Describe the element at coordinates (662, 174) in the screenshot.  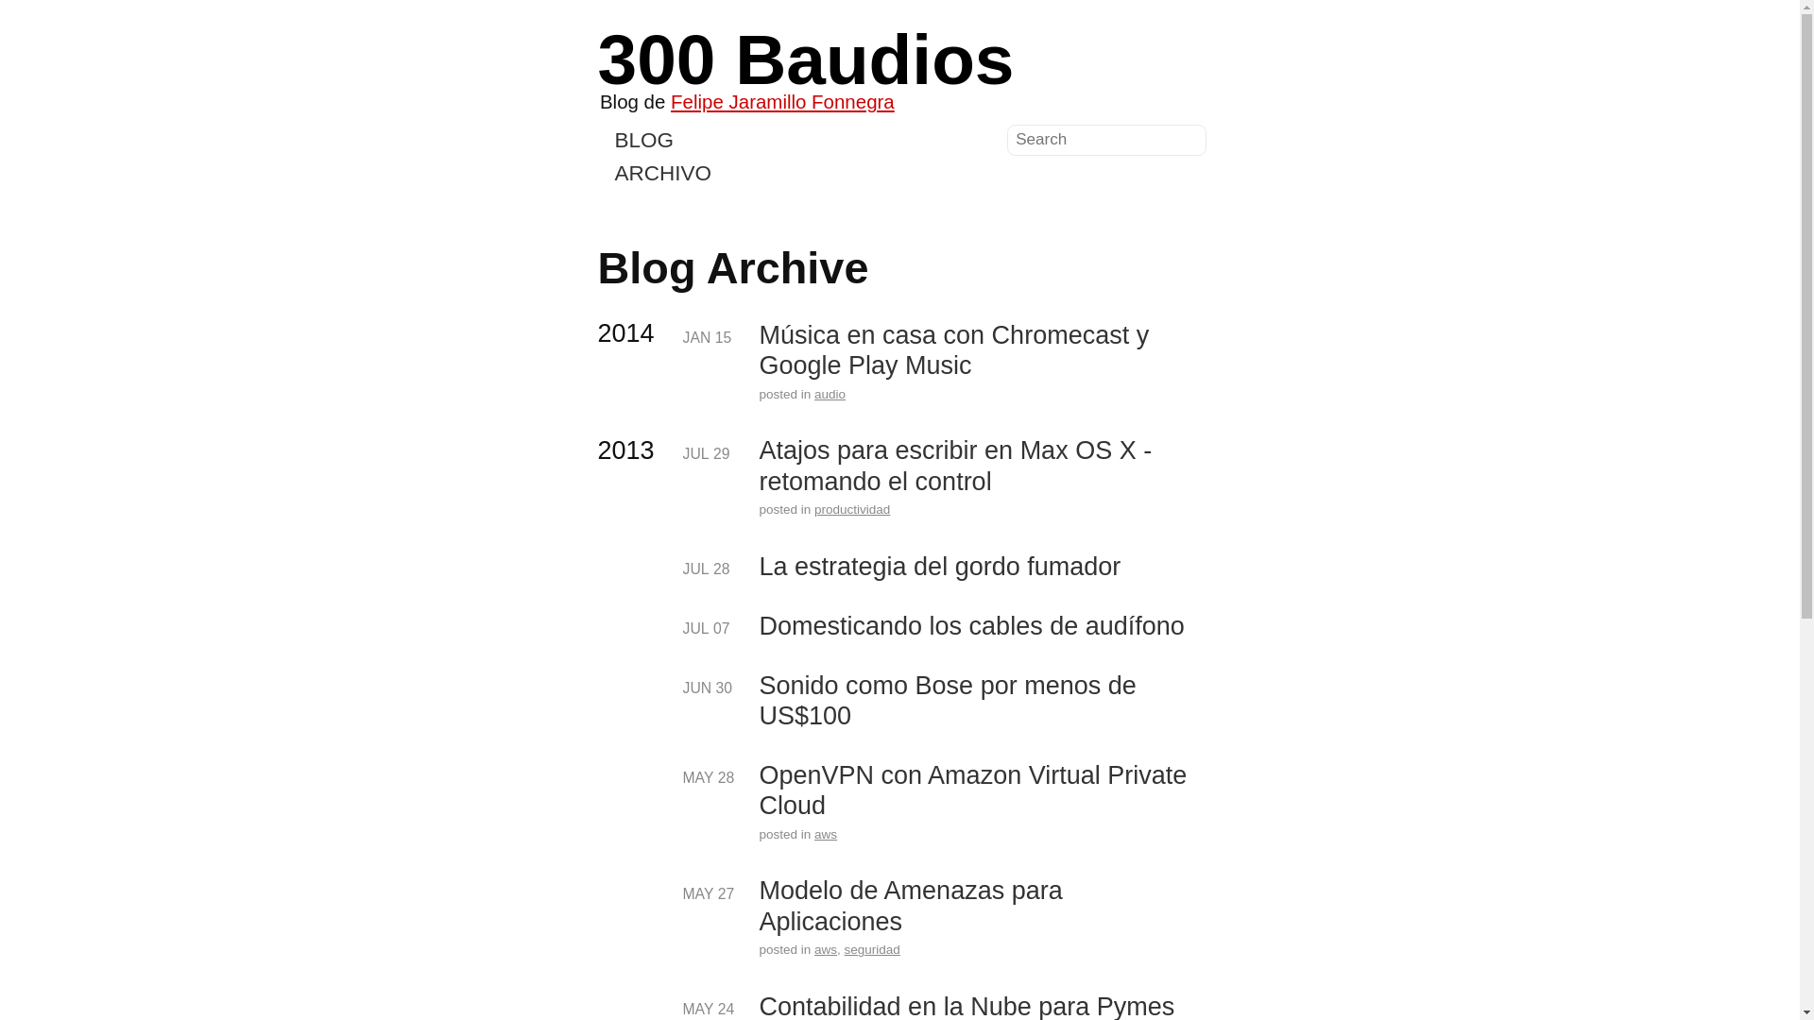
I see `'ARCHIVO'` at that location.